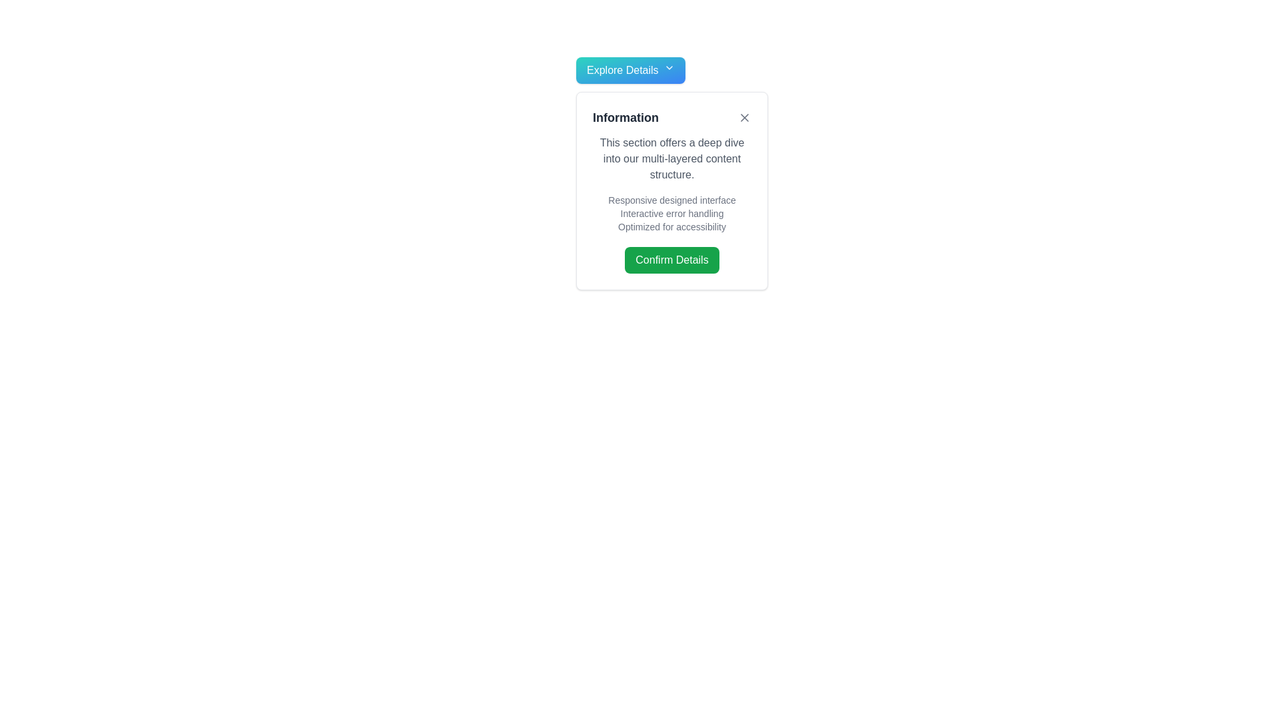 Image resolution: width=1279 pixels, height=719 pixels. Describe the element at coordinates (669, 67) in the screenshot. I see `the downward-pointing chevron icon located at the rightmost side of the 'Explore Details' button` at that location.